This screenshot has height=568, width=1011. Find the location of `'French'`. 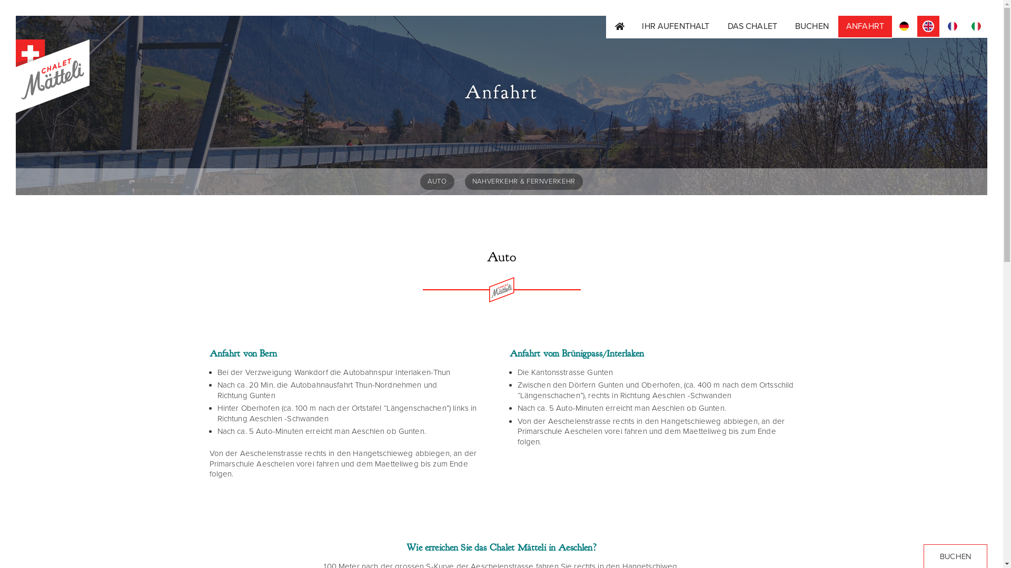

'French' is located at coordinates (953, 26).